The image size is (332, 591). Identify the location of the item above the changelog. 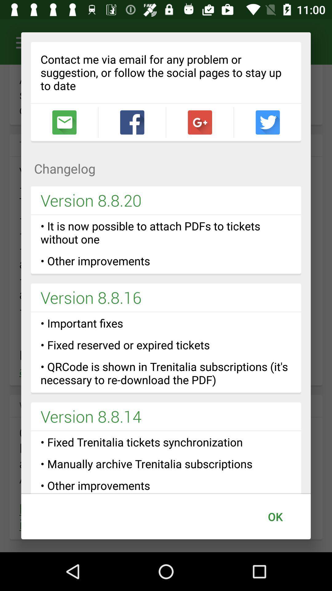
(132, 122).